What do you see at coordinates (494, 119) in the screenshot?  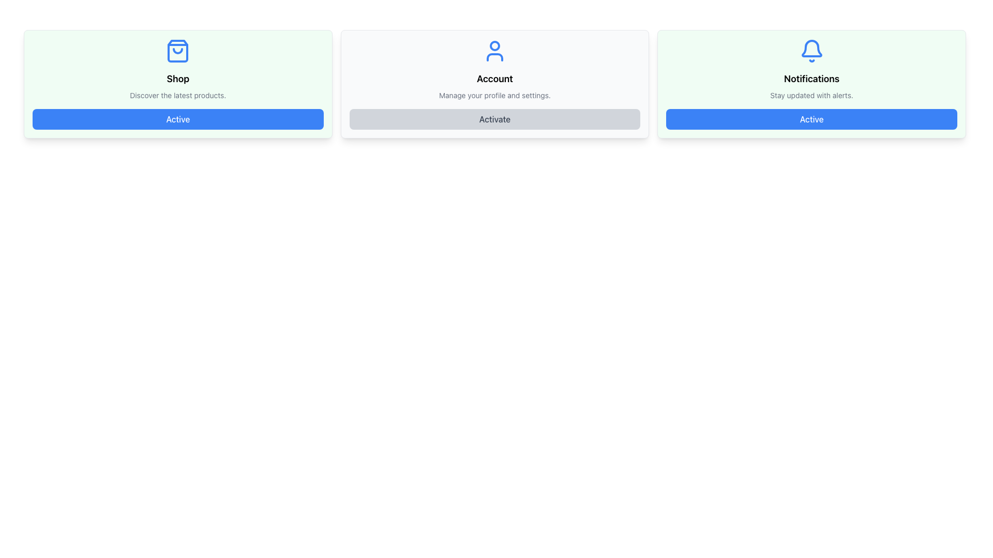 I see `the button located at the bottom of the 'Account' card` at bounding box center [494, 119].